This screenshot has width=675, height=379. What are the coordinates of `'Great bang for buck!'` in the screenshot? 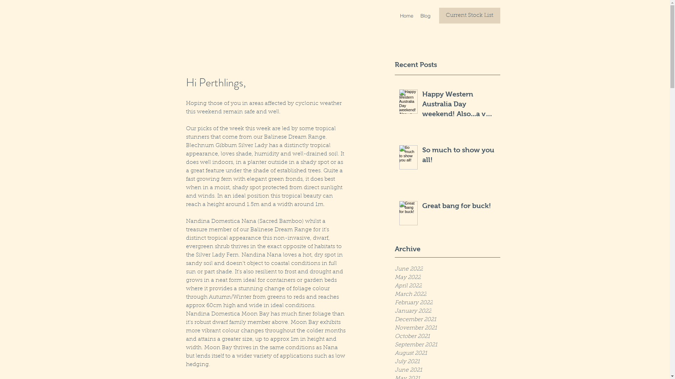 It's located at (459, 207).